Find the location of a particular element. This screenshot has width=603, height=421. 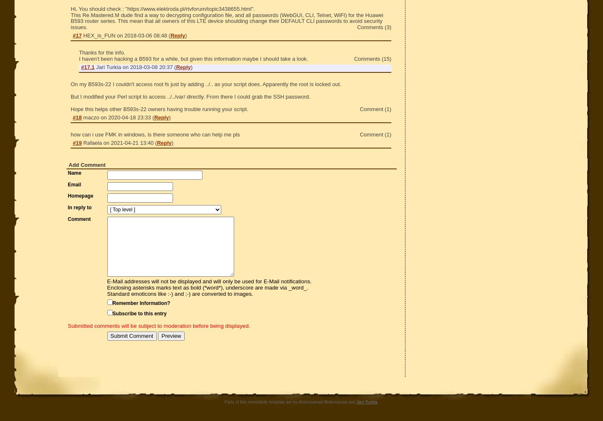

'E-Mail addresses will not be displayed and will only be used for E-Mail notifications.' is located at coordinates (209, 281).